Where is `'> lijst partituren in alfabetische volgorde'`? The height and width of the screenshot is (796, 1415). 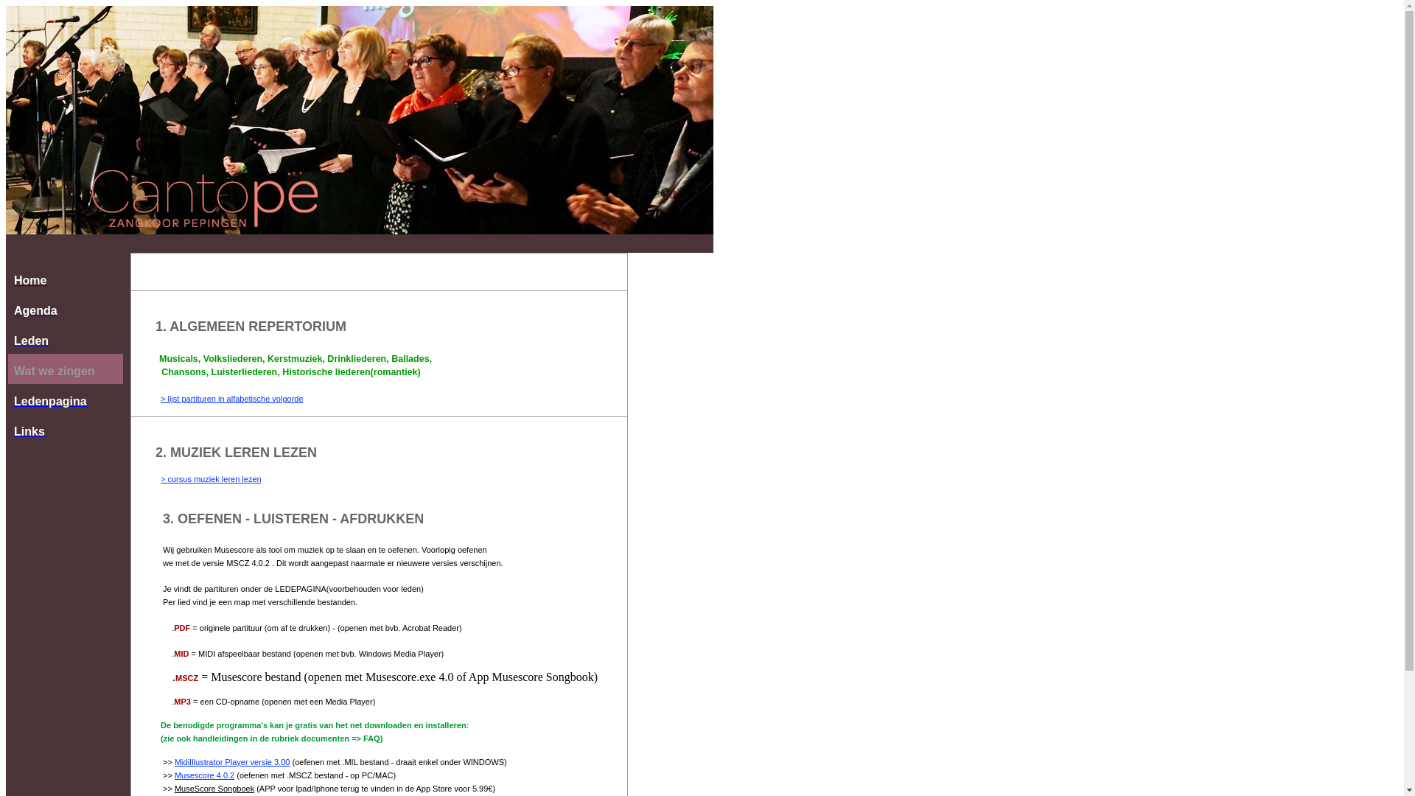
'> lijst partituren in alfabetische volgorde' is located at coordinates (231, 398).